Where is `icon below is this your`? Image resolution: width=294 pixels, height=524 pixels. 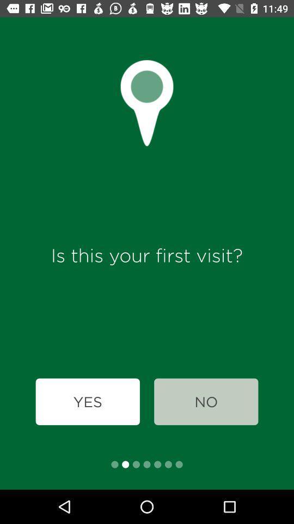
icon below is this your is located at coordinates (87, 401).